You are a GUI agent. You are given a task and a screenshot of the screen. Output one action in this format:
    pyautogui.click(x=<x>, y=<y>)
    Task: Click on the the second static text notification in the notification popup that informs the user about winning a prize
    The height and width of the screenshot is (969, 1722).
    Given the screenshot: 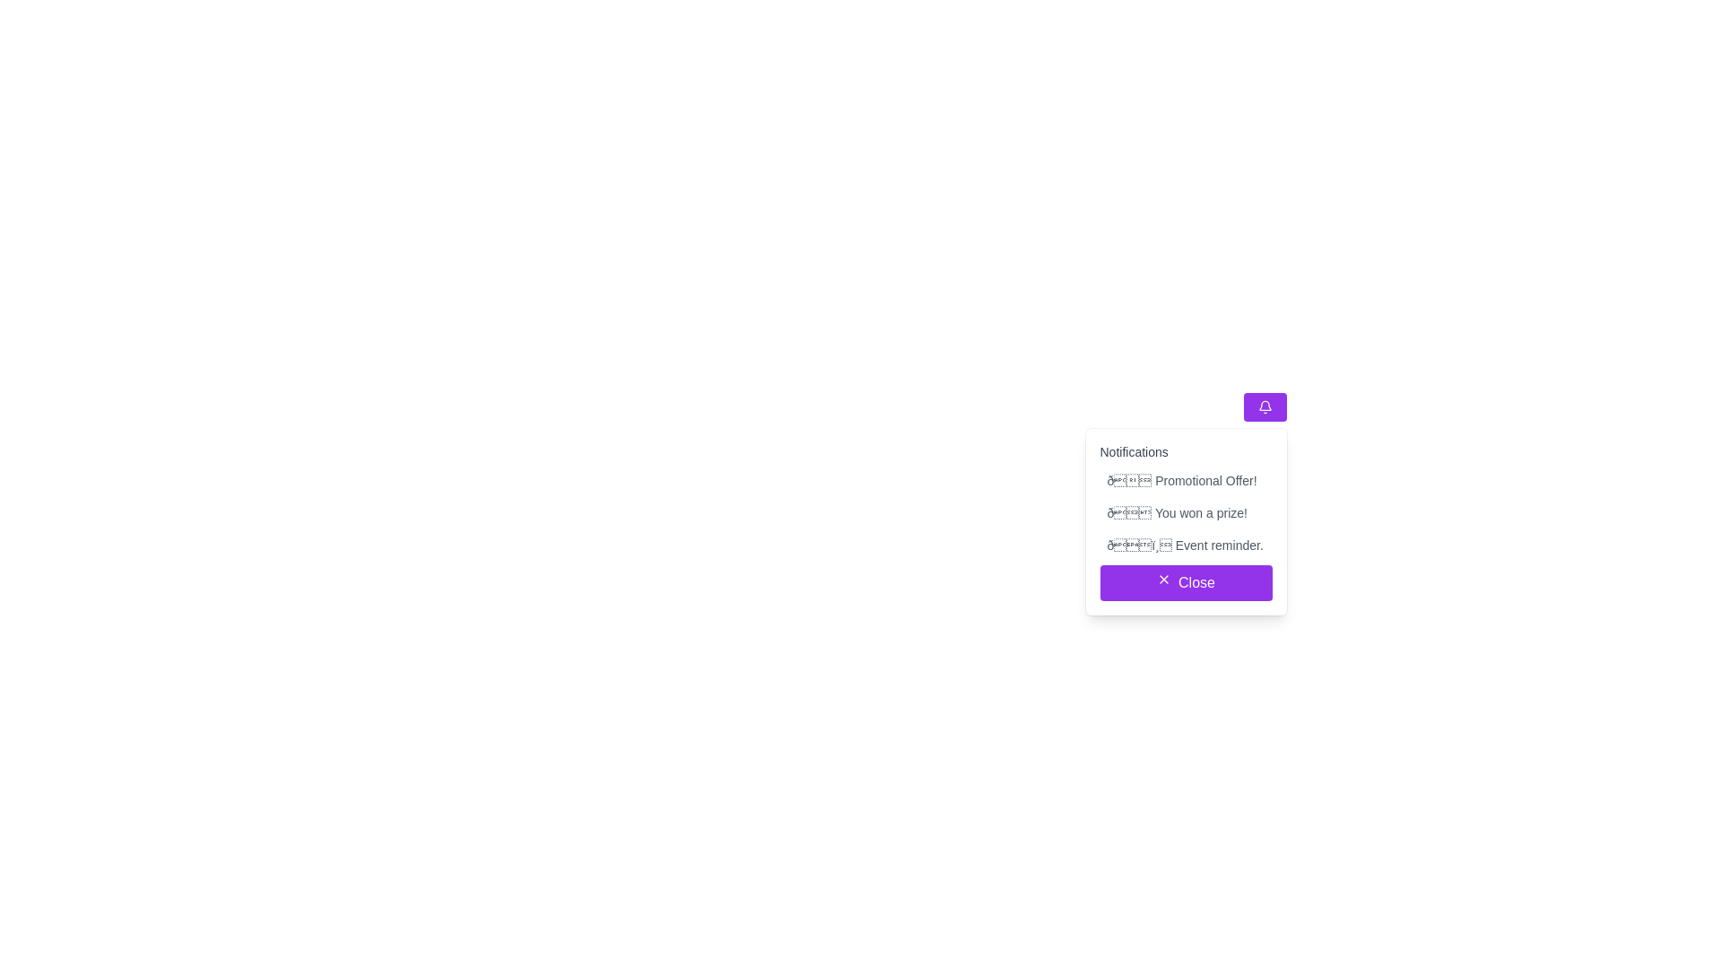 What is the action you would take?
    pyautogui.click(x=1186, y=512)
    